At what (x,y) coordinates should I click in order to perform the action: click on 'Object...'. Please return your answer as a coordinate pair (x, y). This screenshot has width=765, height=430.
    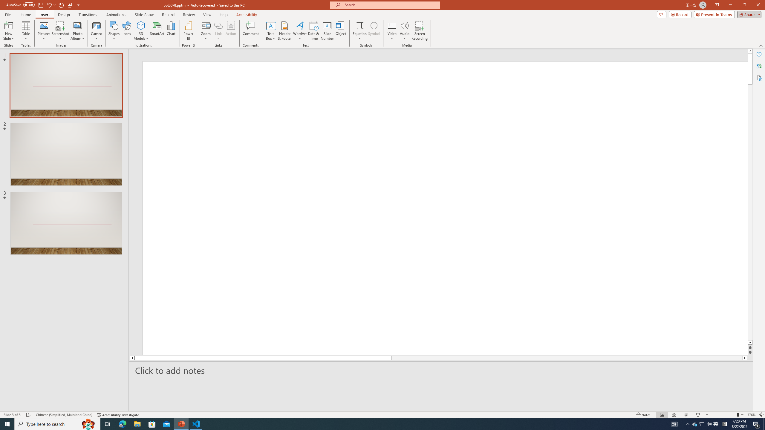
    Looking at the image, I should click on (341, 31).